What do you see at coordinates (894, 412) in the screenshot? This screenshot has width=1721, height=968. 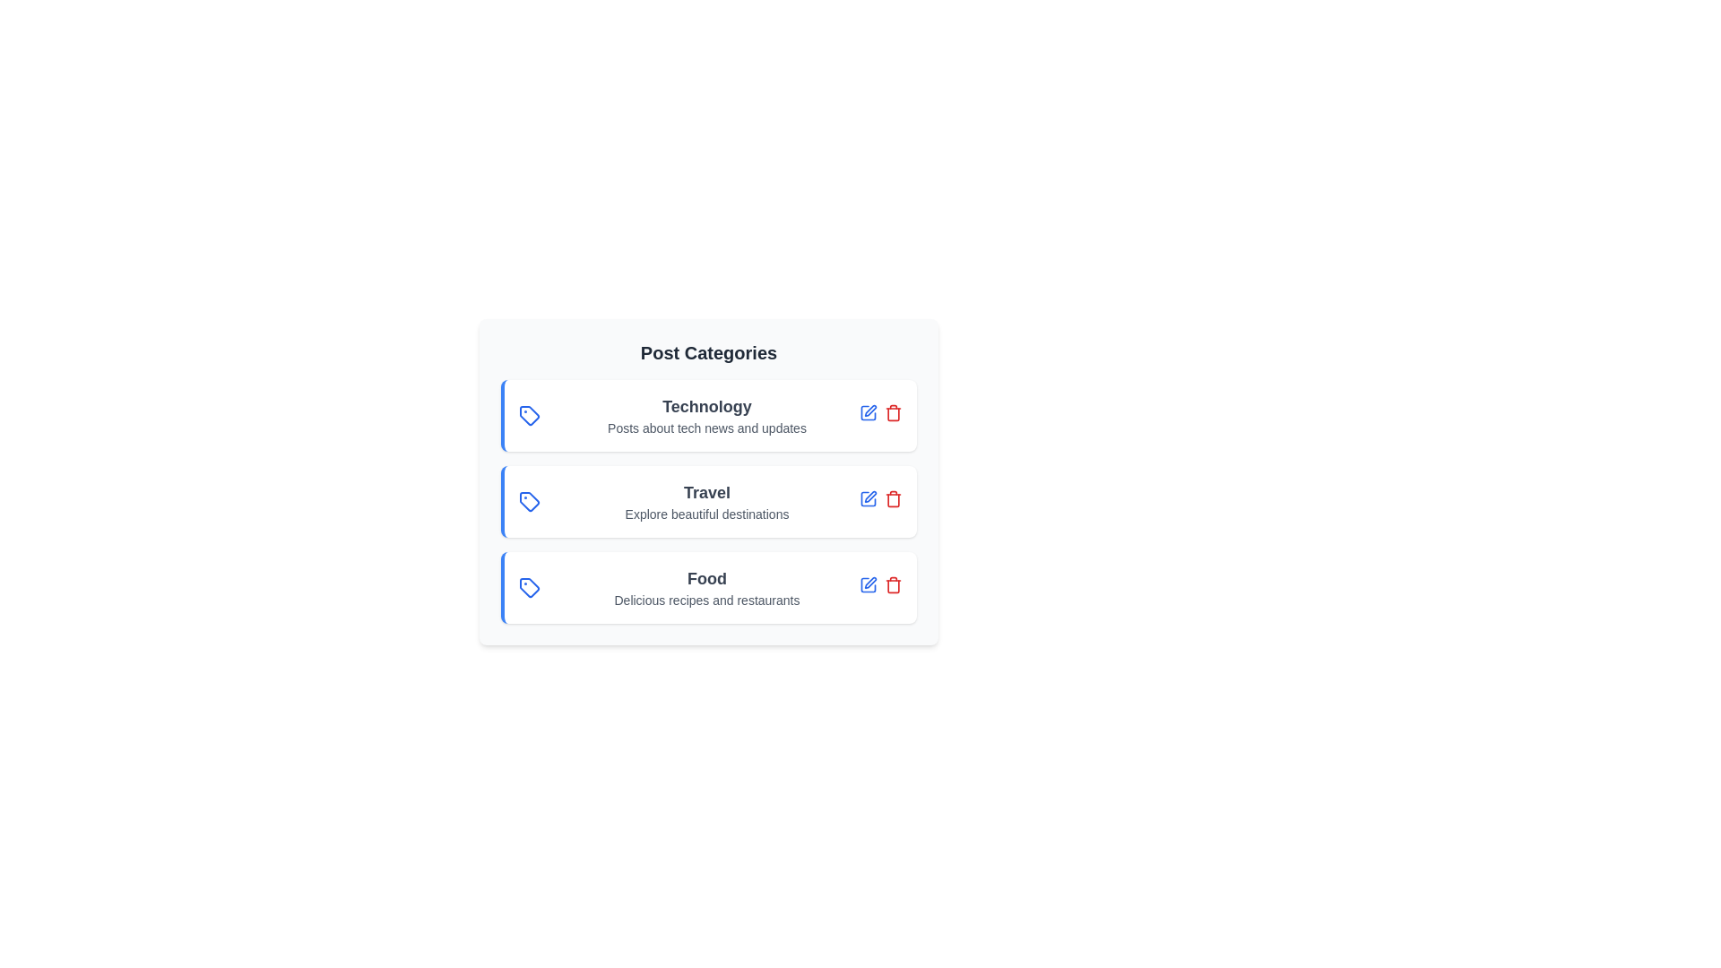 I see `delete button for the category 'Technology'` at bounding box center [894, 412].